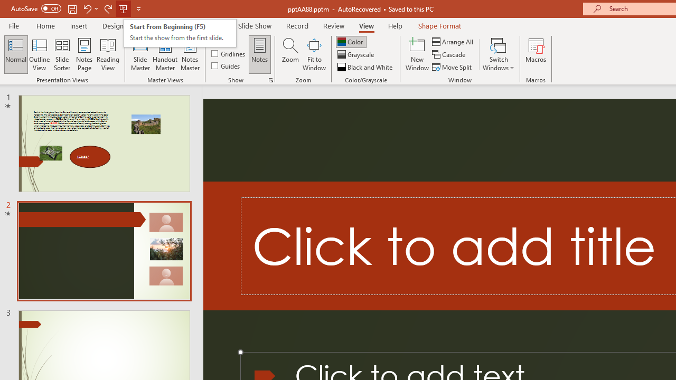 This screenshot has width=676, height=380. What do you see at coordinates (351, 41) in the screenshot?
I see `'Color'` at bounding box center [351, 41].